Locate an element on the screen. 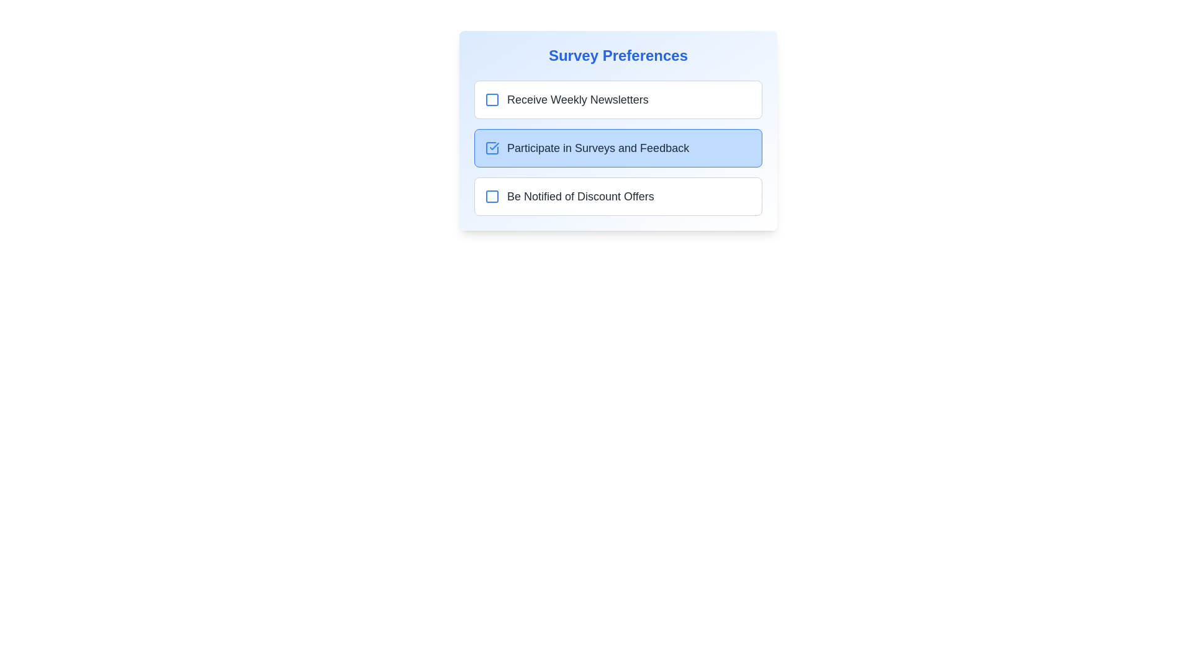  the blue checkbox containing a checkmark icon next to the text 'Participate in Surveys and Feedback' is located at coordinates (491, 148).